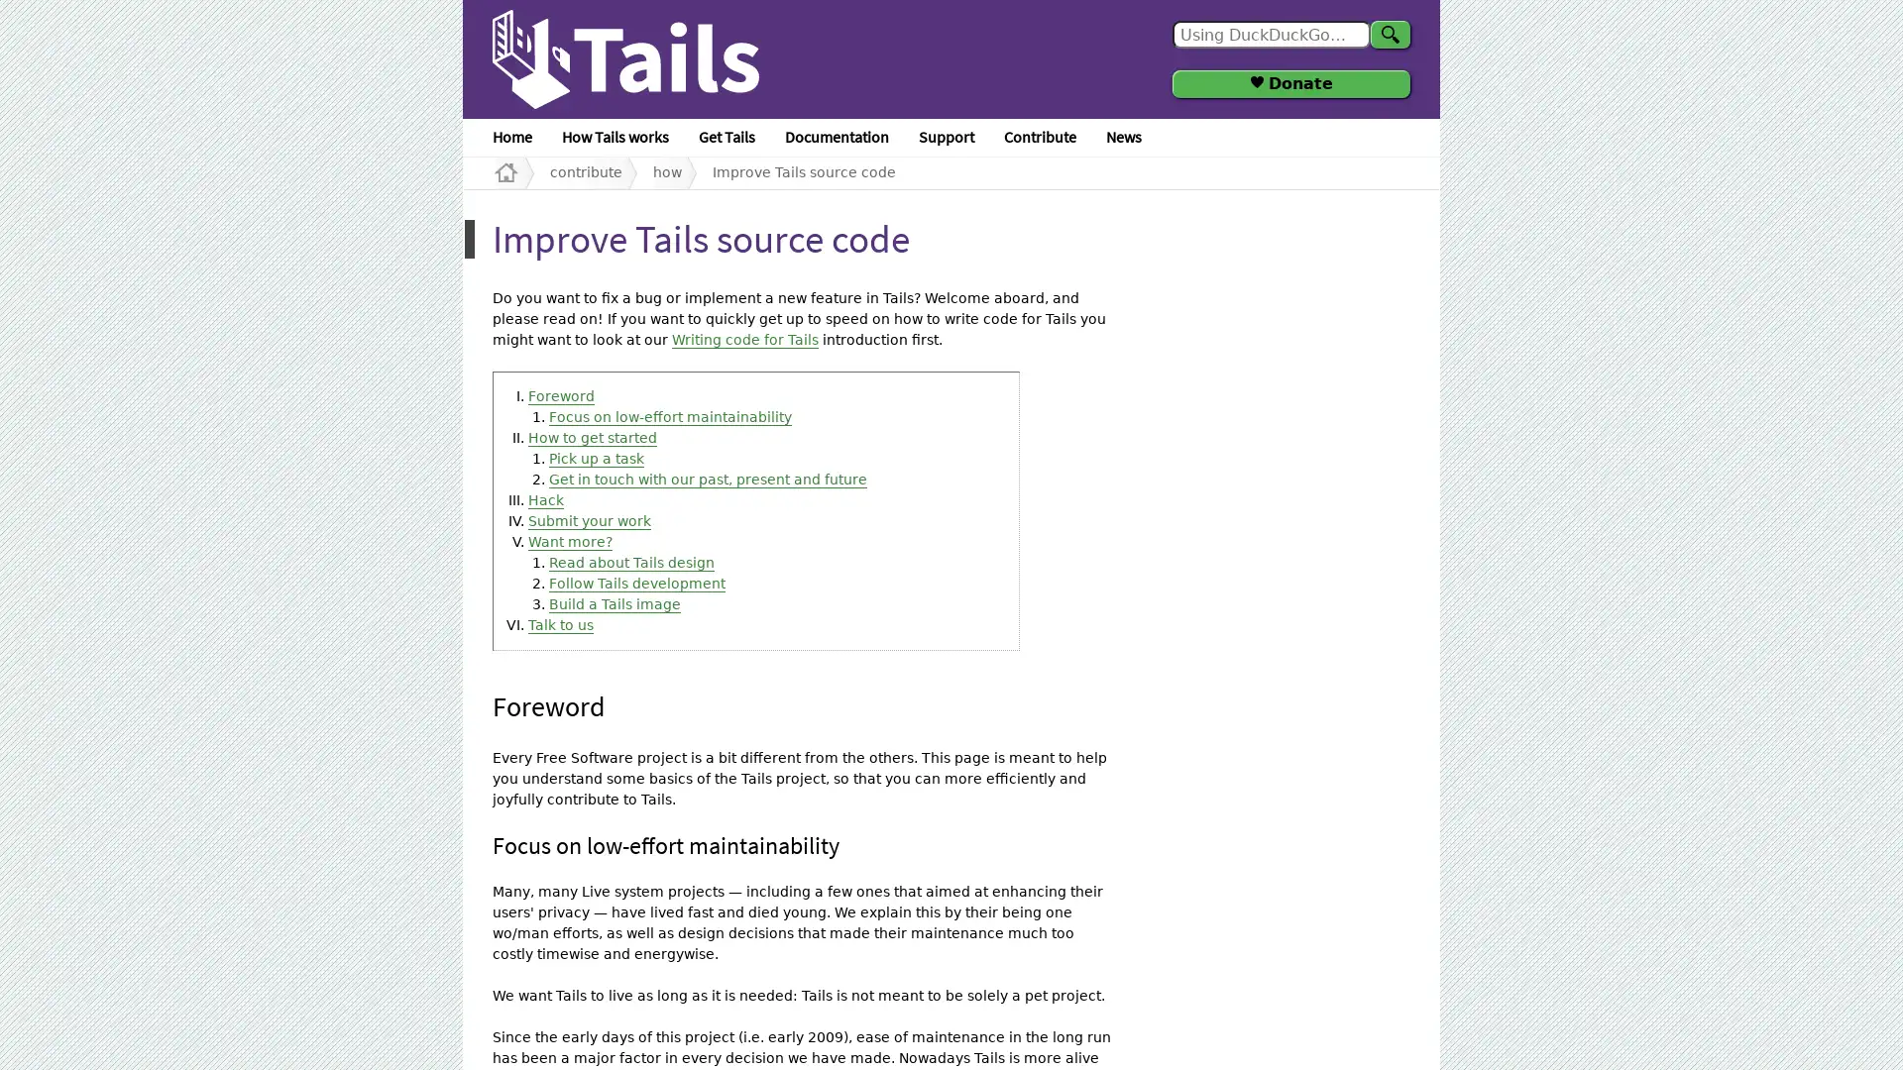 This screenshot has height=1070, width=1903. I want to click on Search, so click(1389, 34).